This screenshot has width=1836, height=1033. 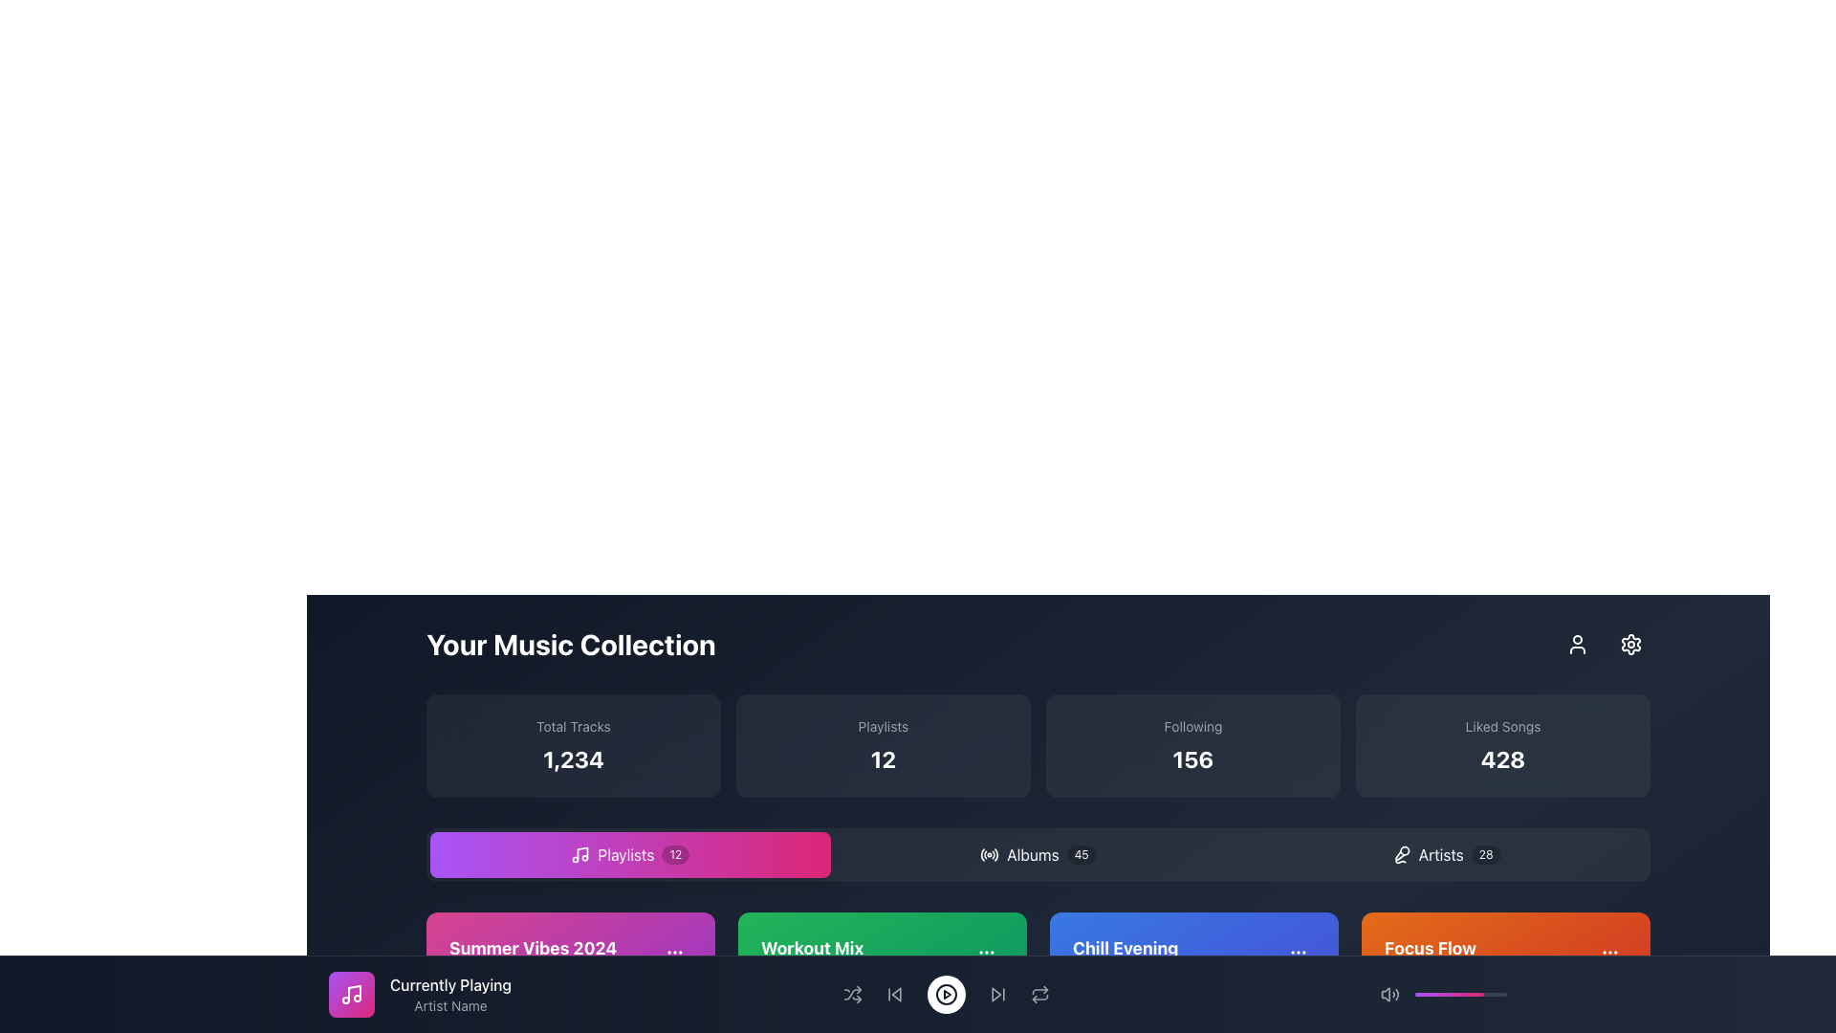 What do you see at coordinates (352, 994) in the screenshot?
I see `the IconButton with a centered music note icon that has a gradient background transitioning from purple to pink` at bounding box center [352, 994].